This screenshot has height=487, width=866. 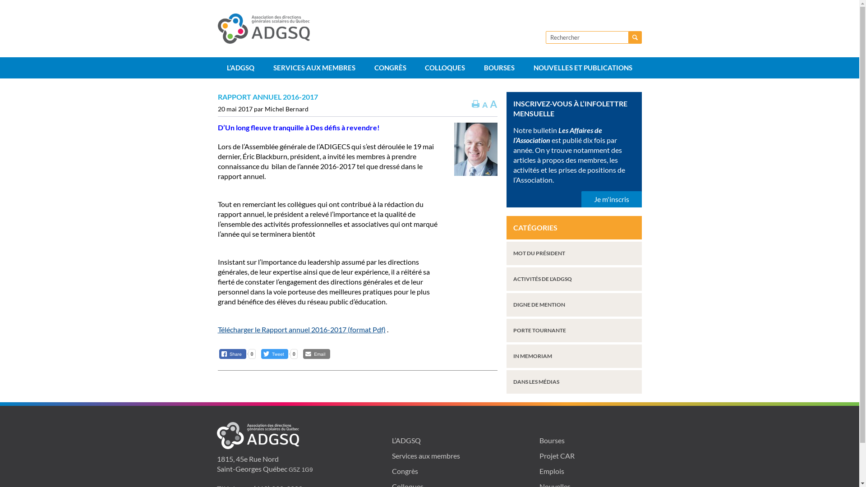 What do you see at coordinates (425, 455) in the screenshot?
I see `'Services aux membres'` at bounding box center [425, 455].